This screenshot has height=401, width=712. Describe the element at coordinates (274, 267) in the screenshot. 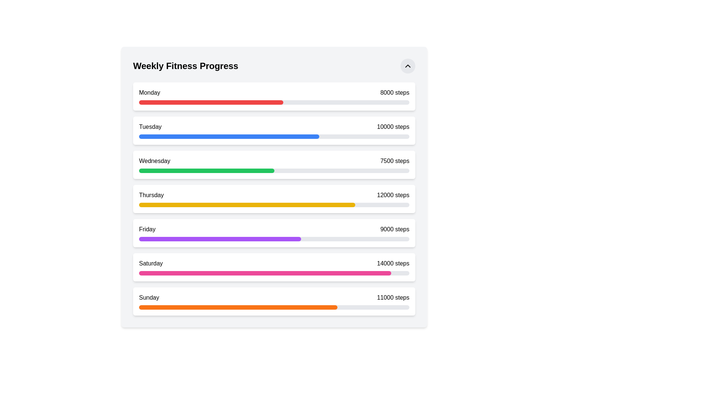

I see `progress bar details of the informational card displaying the daily step count progress for Saturday, which is the sixth card in the vertical sequence` at that location.